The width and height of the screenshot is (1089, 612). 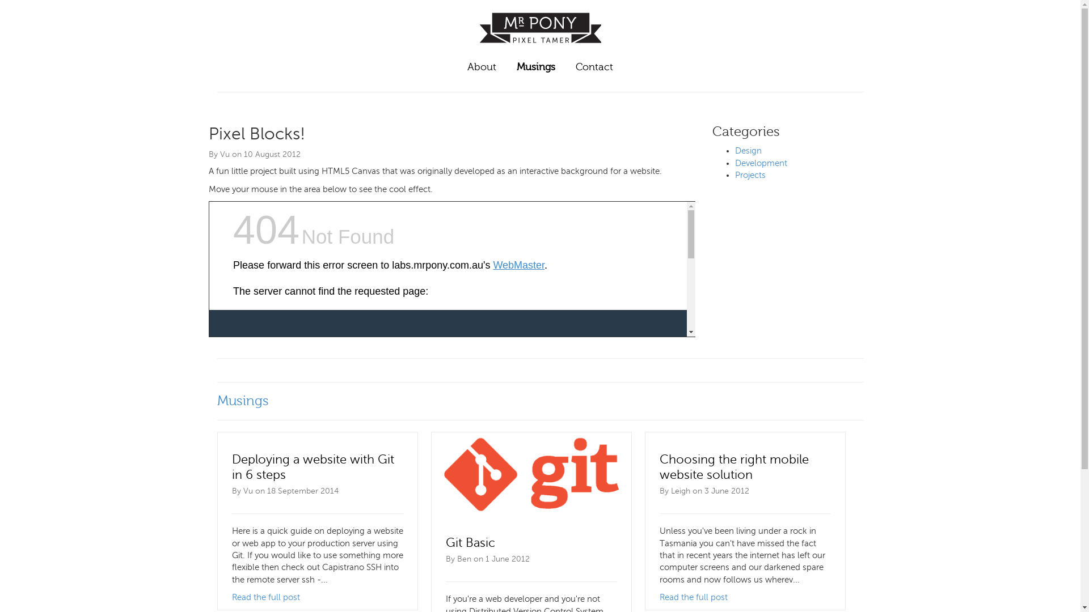 What do you see at coordinates (748, 150) in the screenshot?
I see `'Design'` at bounding box center [748, 150].